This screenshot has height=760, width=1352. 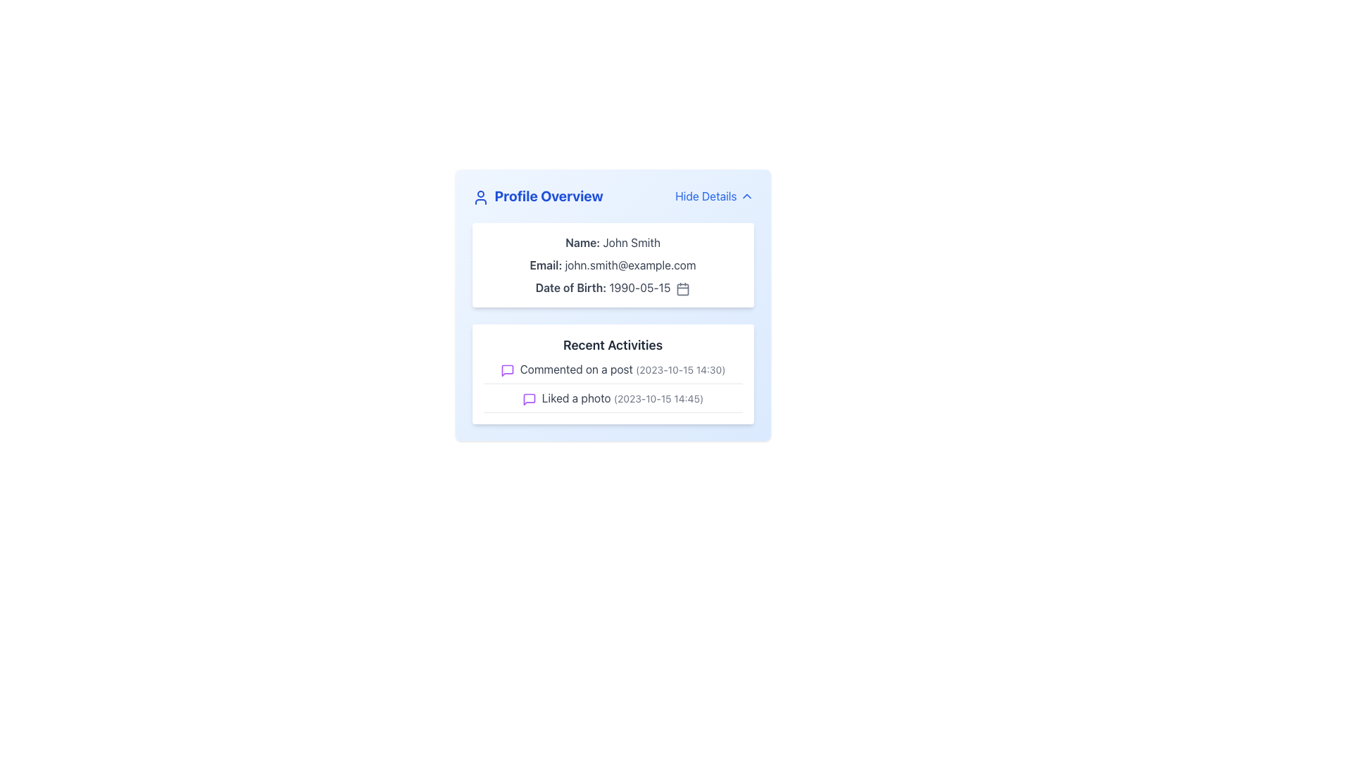 I want to click on the text display showing 'Liked a photo (2023-10-15 14:45)' in the Recent Activities section, so click(x=613, y=401).